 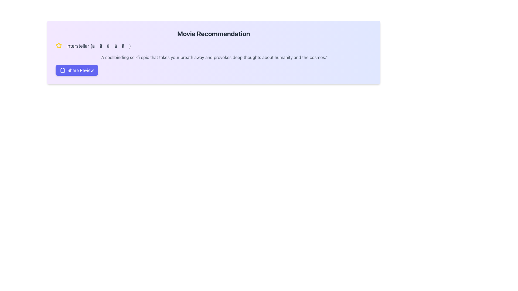 What do you see at coordinates (62, 70) in the screenshot?
I see `the clipboard icon located to the left of the 'Share Review' text on the blue button` at bounding box center [62, 70].